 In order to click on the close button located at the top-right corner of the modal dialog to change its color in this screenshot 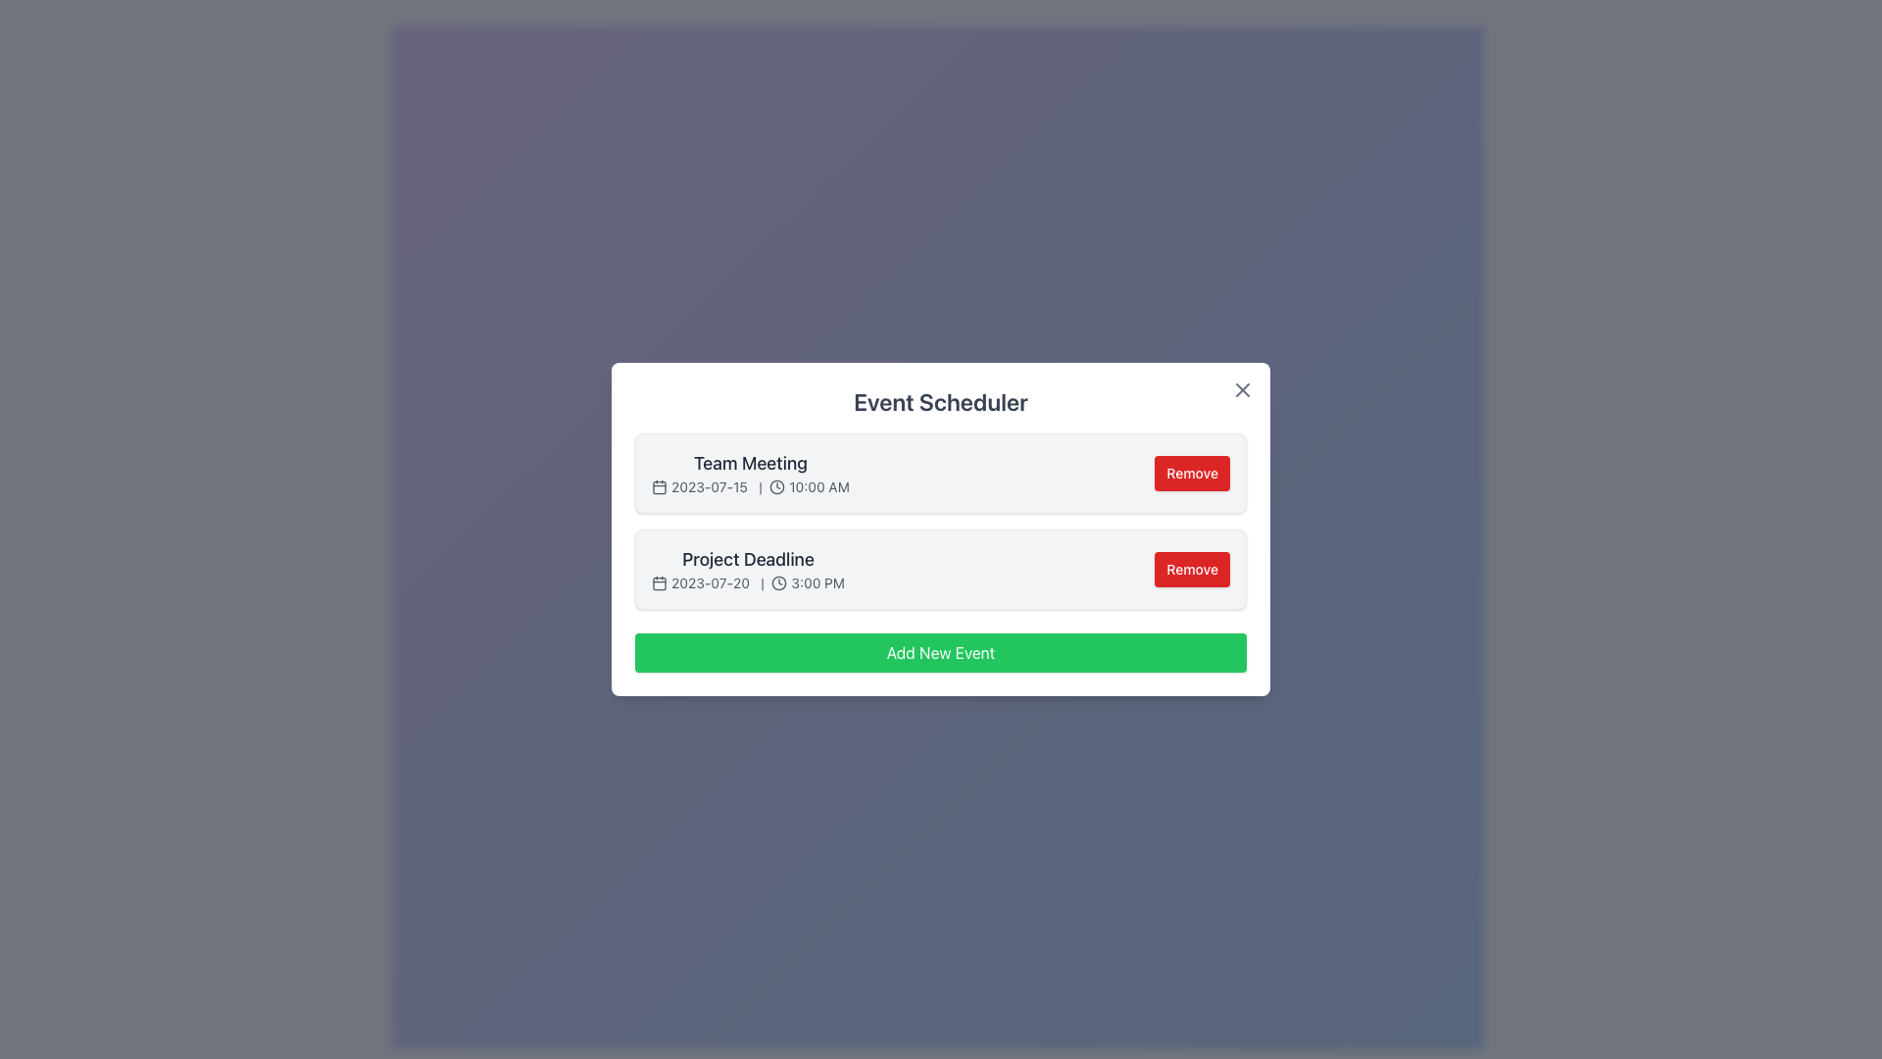, I will do `click(1241, 389)`.